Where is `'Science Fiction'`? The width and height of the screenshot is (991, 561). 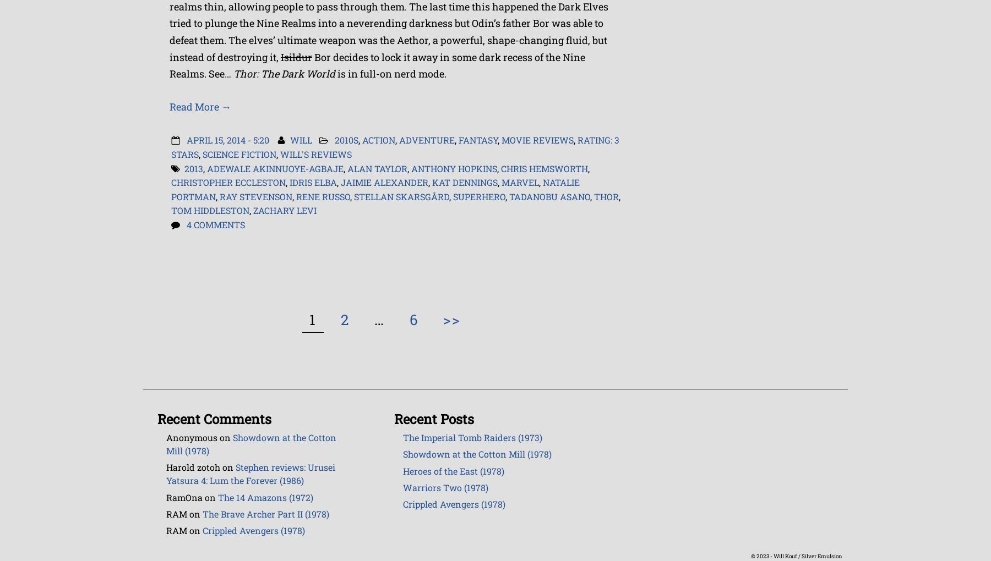 'Science Fiction' is located at coordinates (202, 153).